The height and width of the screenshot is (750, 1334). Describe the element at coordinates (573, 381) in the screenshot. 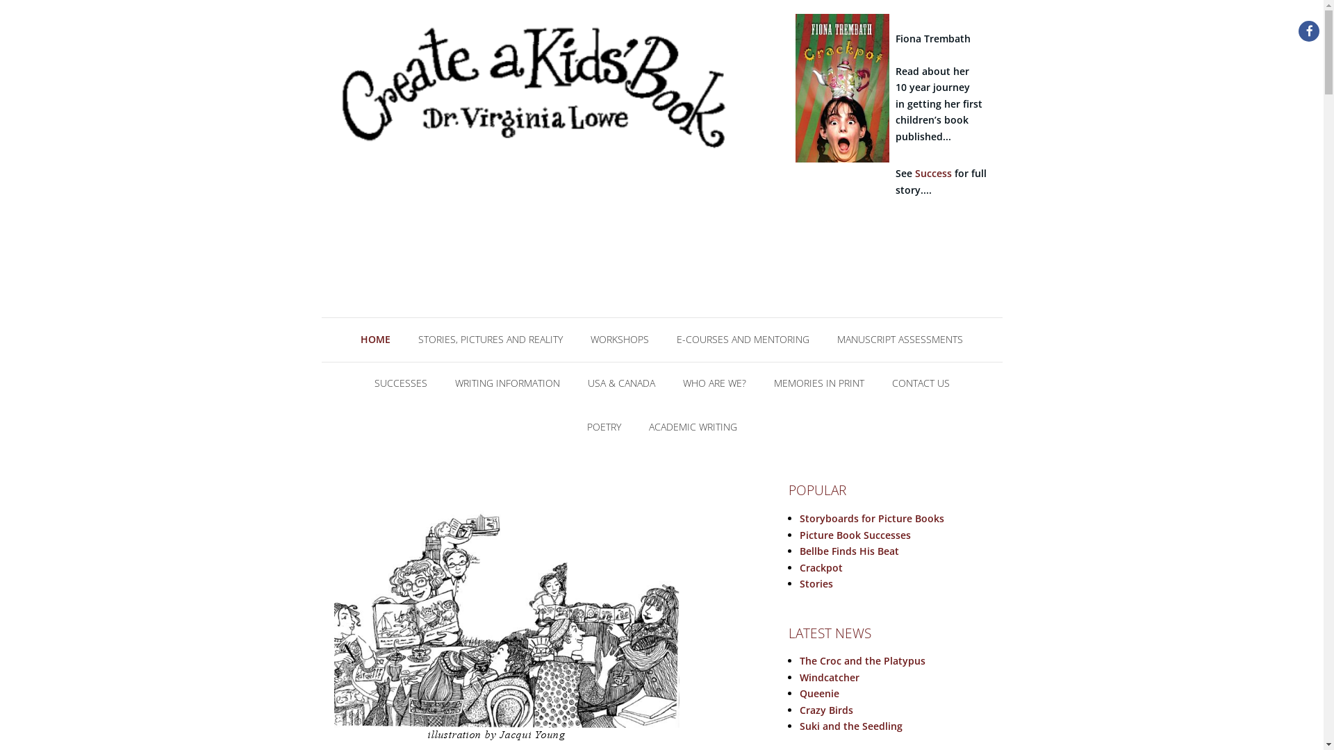

I see `'USA & CANADA'` at that location.